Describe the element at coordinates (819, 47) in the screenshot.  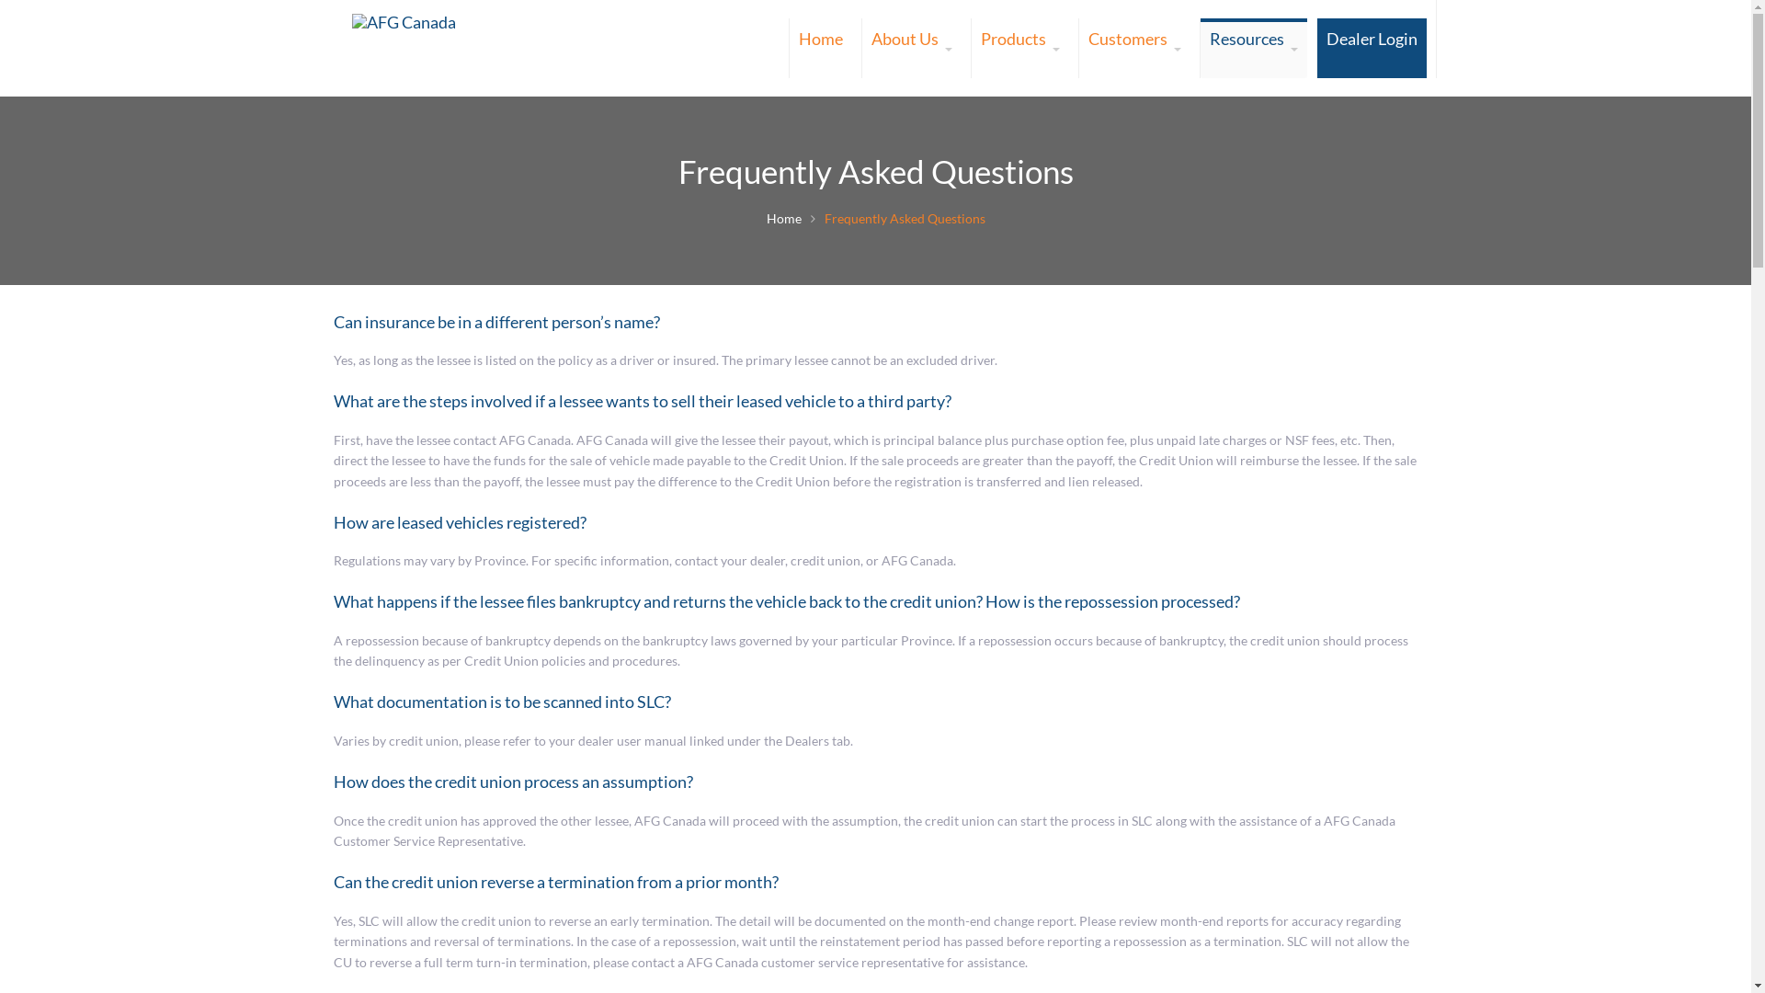
I see `'Home'` at that location.